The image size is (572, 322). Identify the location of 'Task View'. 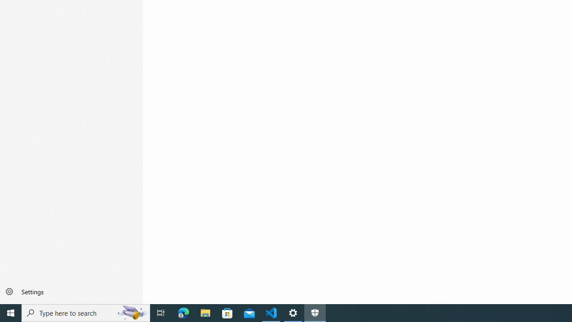
(160, 312).